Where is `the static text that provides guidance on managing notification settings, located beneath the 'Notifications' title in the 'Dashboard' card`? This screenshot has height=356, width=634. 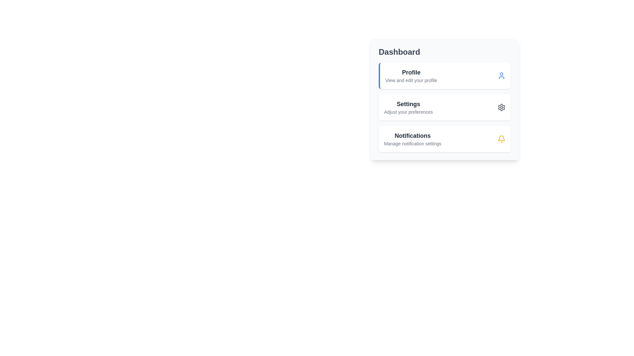
the static text that provides guidance on managing notification settings, located beneath the 'Notifications' title in the 'Dashboard' card is located at coordinates (412, 143).